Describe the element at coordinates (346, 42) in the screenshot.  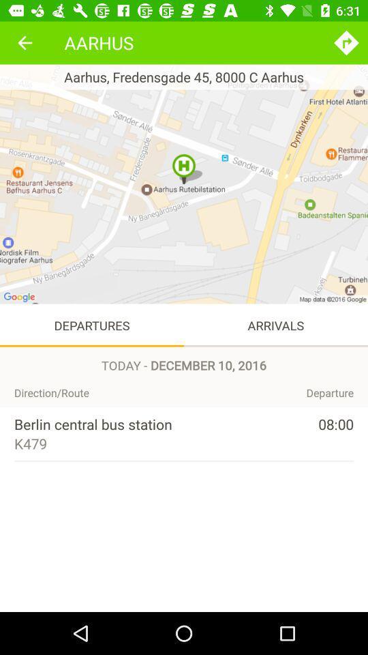
I see `the item next to the aarhus icon` at that location.